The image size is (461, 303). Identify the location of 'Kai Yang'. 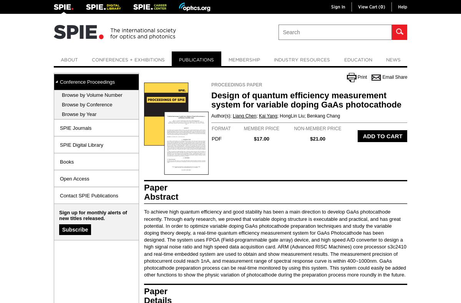
(268, 116).